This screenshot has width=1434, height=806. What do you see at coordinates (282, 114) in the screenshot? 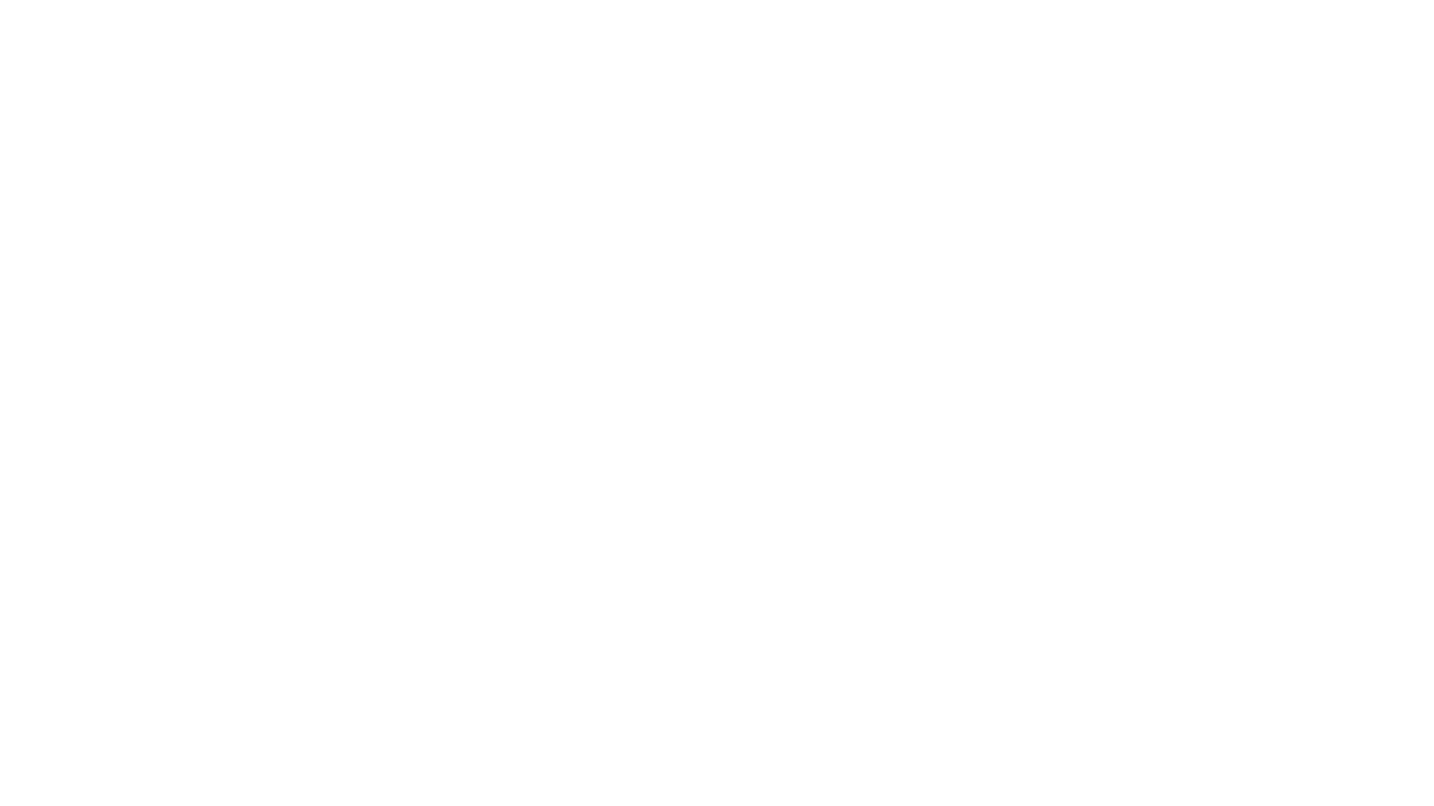
I see `FORMATION` at bounding box center [282, 114].